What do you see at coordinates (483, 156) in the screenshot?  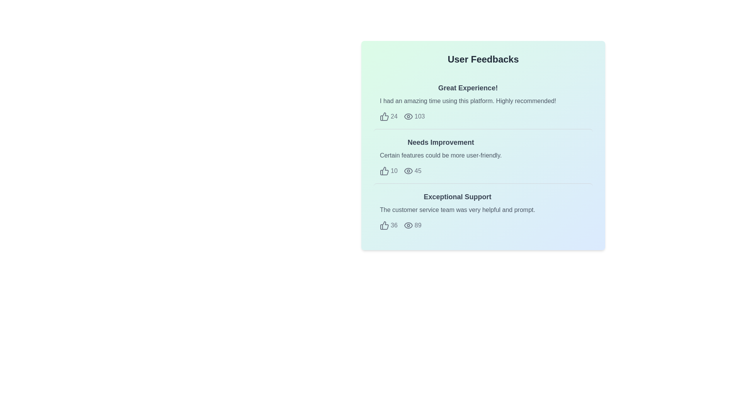 I see `the feedback item titled 'Needs Improvement'` at bounding box center [483, 156].